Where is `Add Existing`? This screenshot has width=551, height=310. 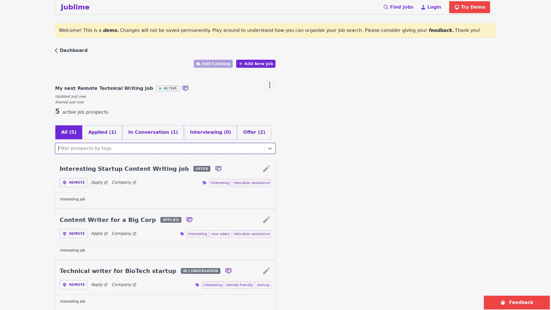 Add Existing is located at coordinates (213, 64).